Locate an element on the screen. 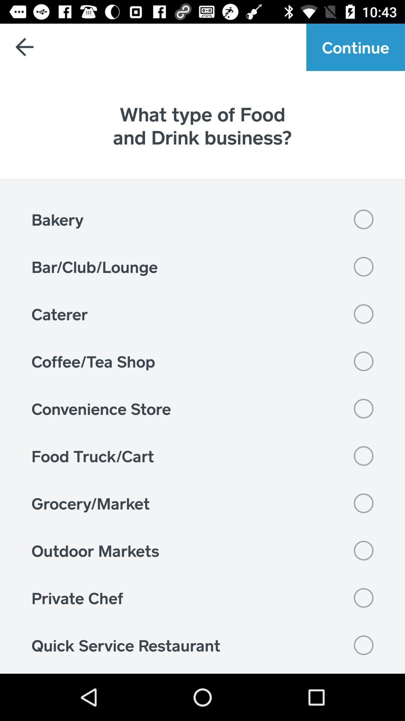  item below the food truck/cart is located at coordinates (202, 503).